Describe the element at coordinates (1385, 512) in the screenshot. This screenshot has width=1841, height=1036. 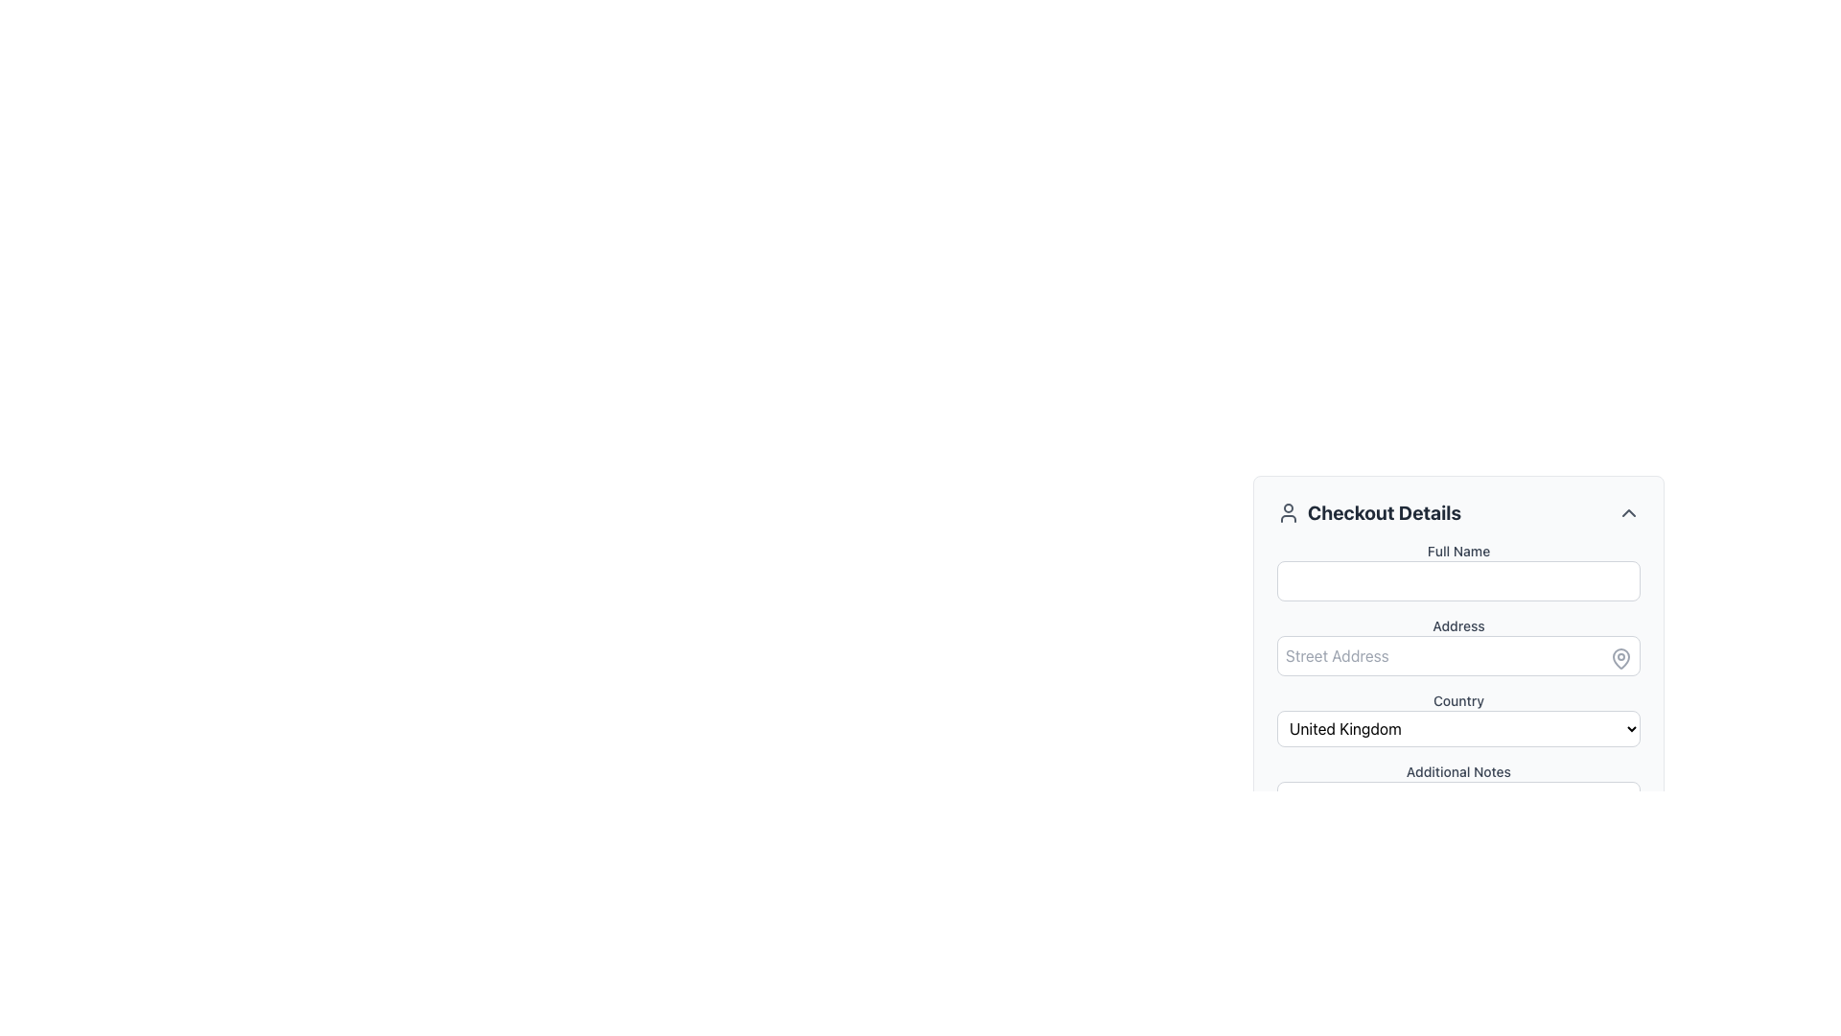
I see `text from the Text Label that serves as a header for the form, located to the right of a user profile icon` at that location.